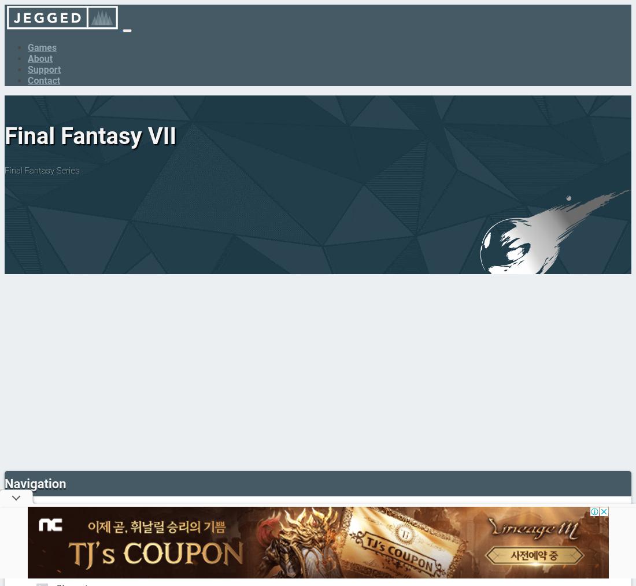 This screenshot has width=636, height=586. I want to click on 'Navigation', so click(35, 482).